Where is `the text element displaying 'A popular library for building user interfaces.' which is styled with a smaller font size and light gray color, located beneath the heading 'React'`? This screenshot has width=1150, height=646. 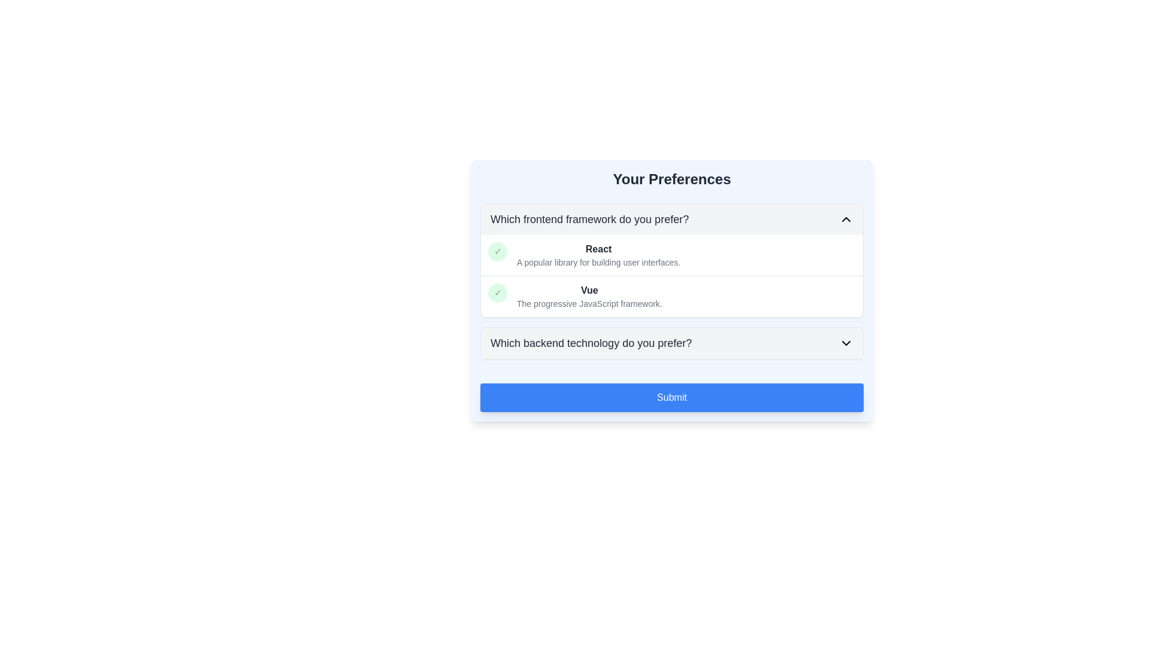
the text element displaying 'A popular library for building user interfaces.' which is styled with a smaller font size and light gray color, located beneath the heading 'React' is located at coordinates (598, 262).